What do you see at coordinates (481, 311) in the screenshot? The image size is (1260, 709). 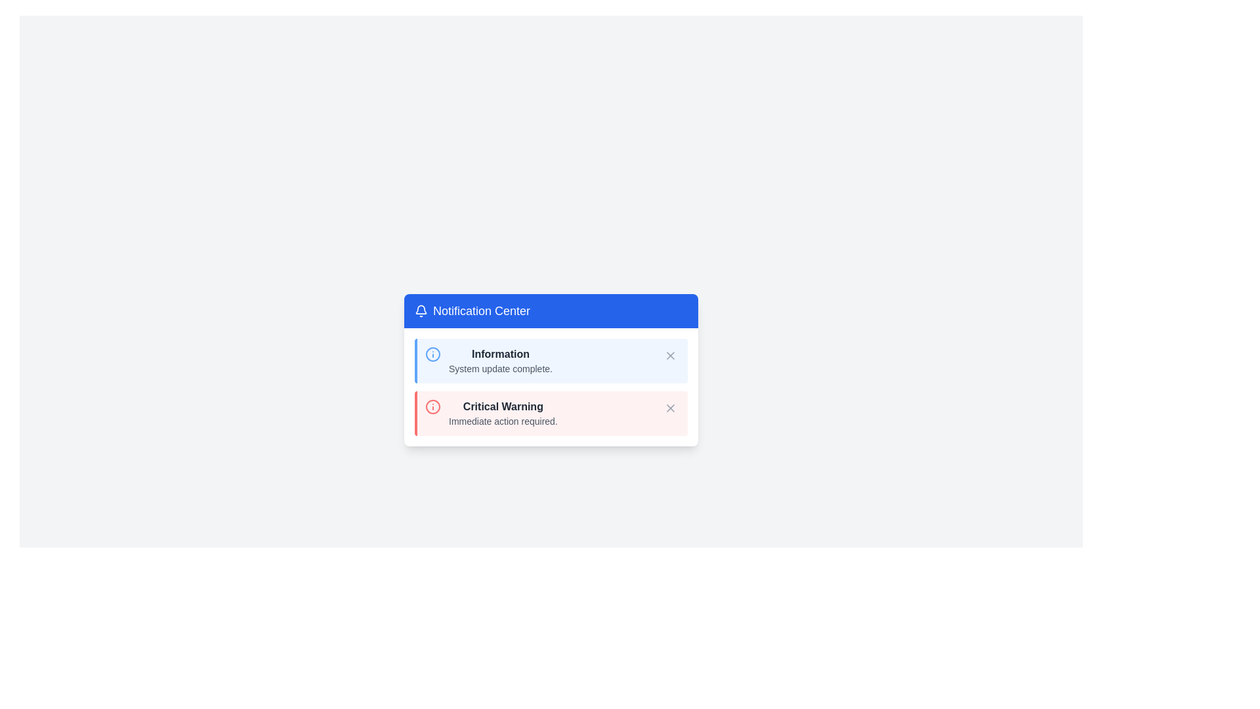 I see `title text located on the left side of the blue header in the notification center, which is visually centered within the header bar and slightly to the right of the bell icon` at bounding box center [481, 311].